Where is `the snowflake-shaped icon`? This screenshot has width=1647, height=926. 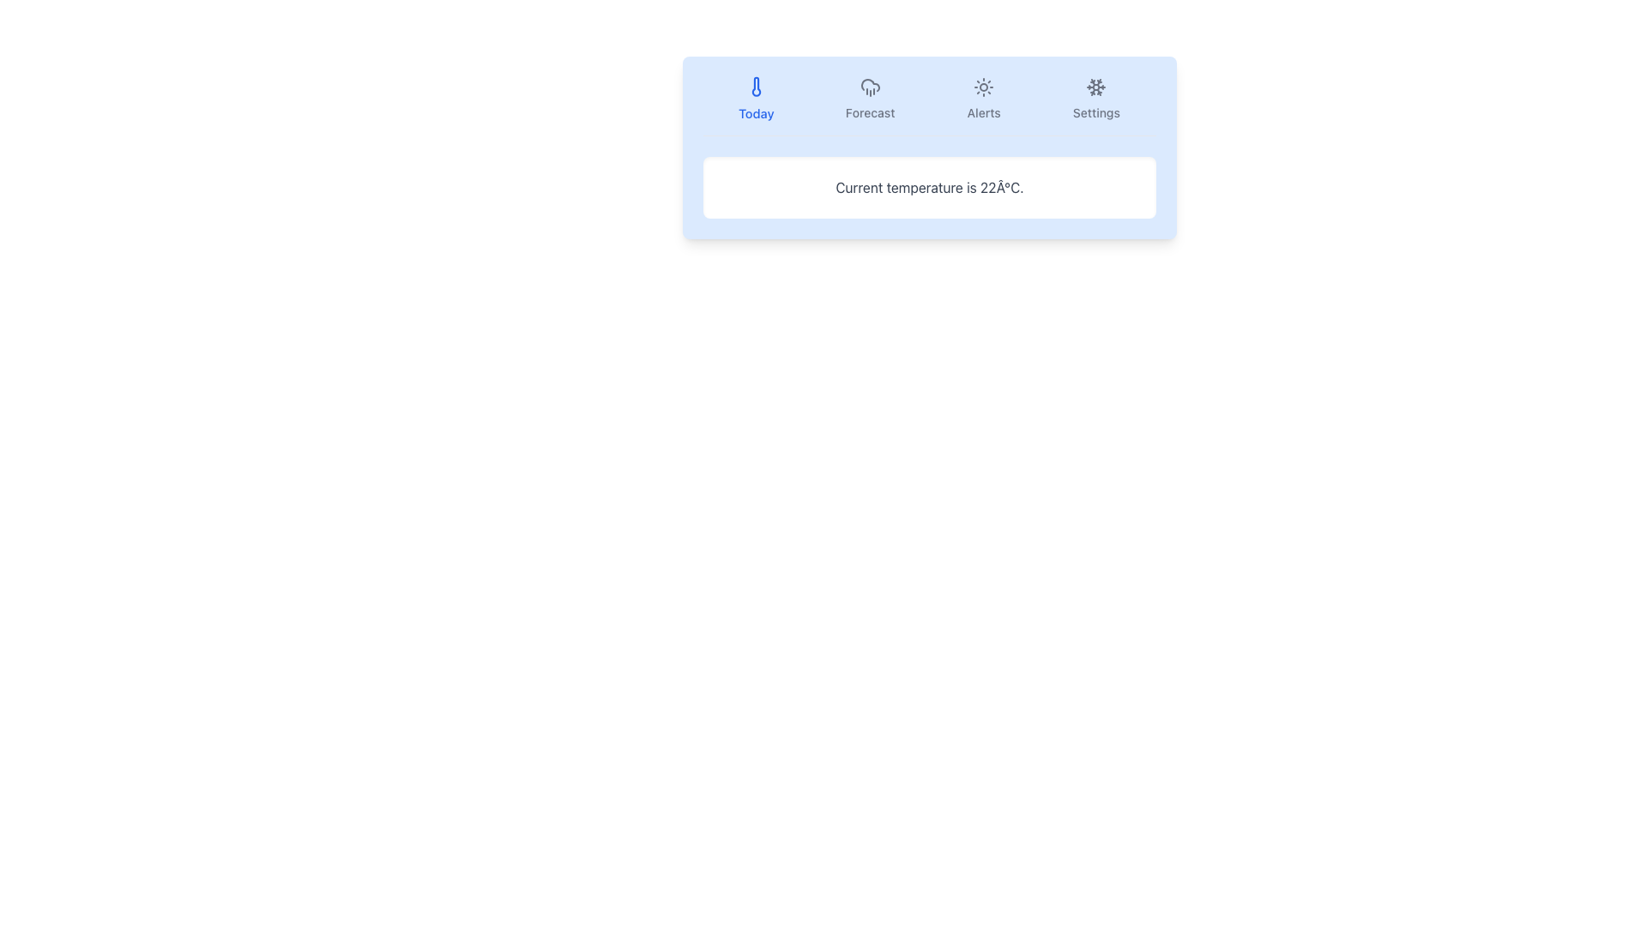
the snowflake-shaped icon is located at coordinates (1095, 87).